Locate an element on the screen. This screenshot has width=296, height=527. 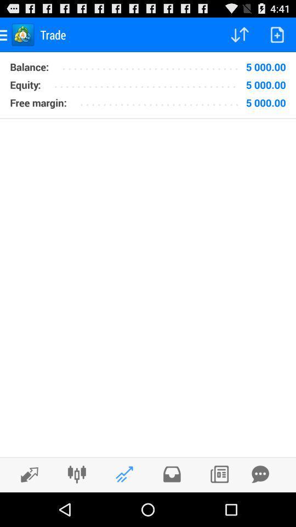
the sliders icon is located at coordinates (76, 507).